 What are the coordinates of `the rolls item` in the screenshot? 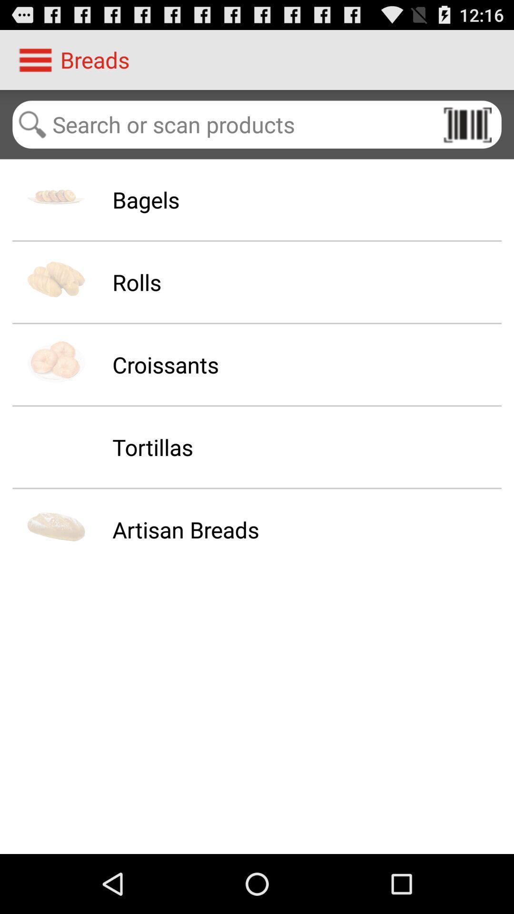 It's located at (137, 281).